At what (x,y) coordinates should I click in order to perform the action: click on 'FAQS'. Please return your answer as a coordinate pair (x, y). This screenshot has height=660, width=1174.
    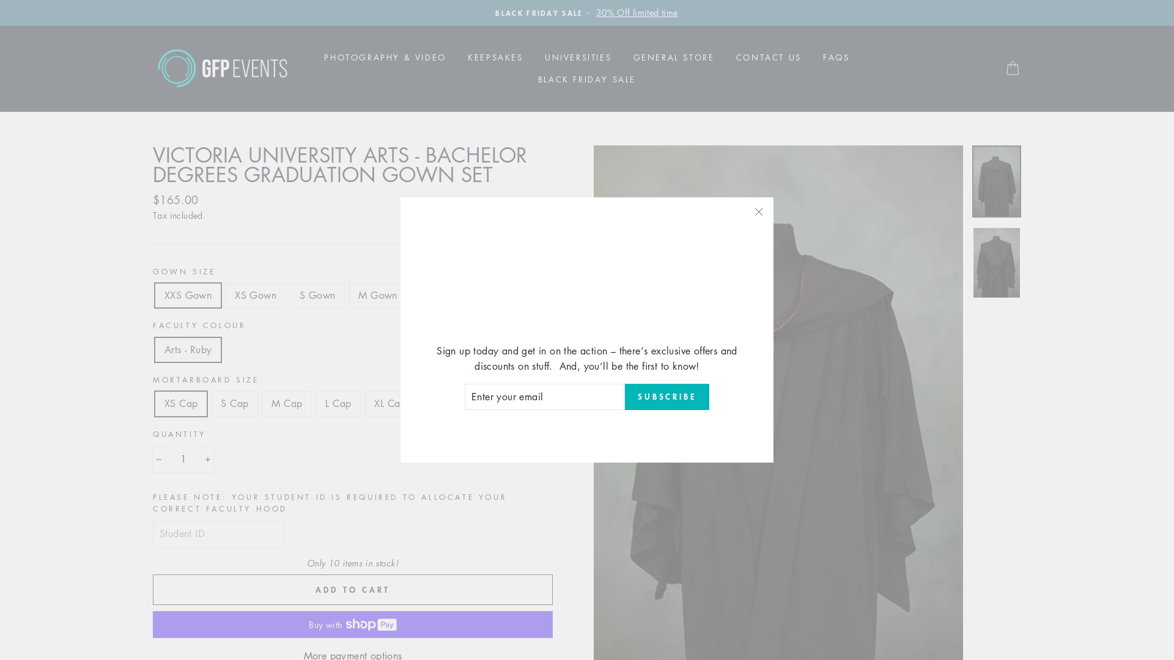
    Looking at the image, I should click on (813, 57).